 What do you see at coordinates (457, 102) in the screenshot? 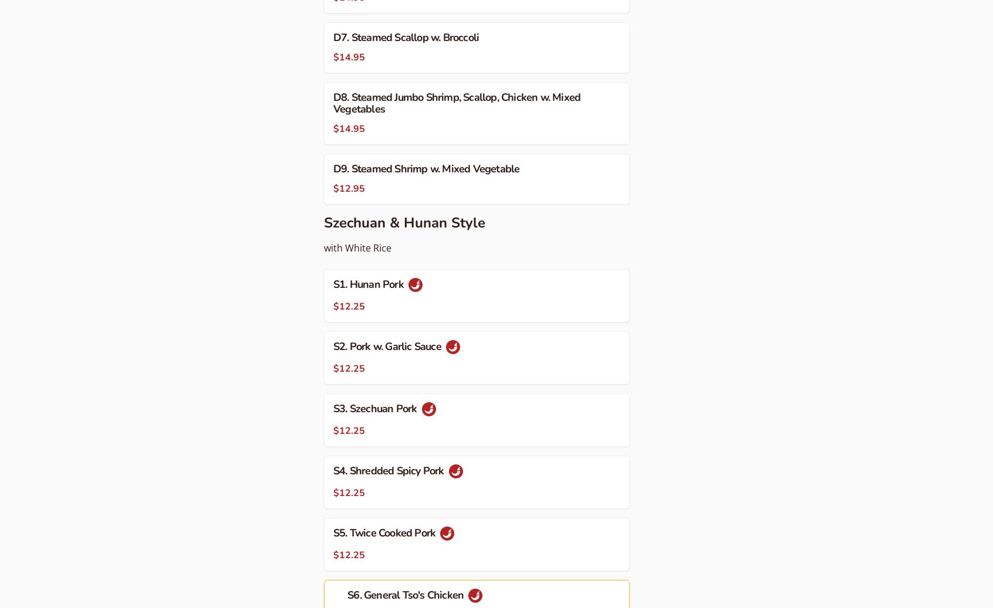
I see `'D8. Steamed Jumbo Shrimp, Scallop, Chicken w. Mixed Vegetables'` at bounding box center [457, 102].